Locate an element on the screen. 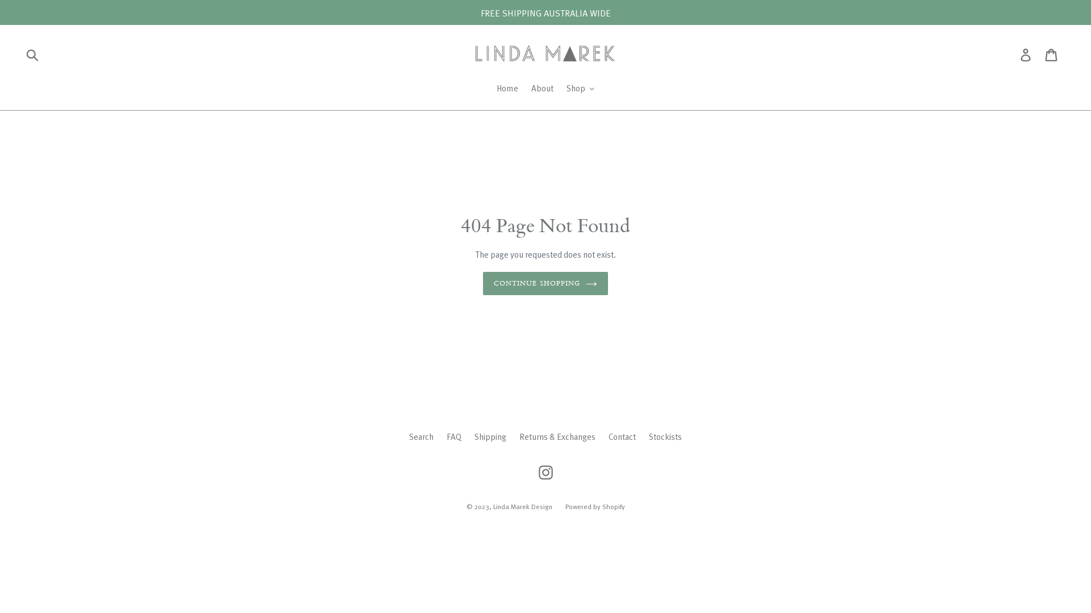 Image resolution: width=1091 pixels, height=613 pixels. 'Log in' is located at coordinates (1026, 54).